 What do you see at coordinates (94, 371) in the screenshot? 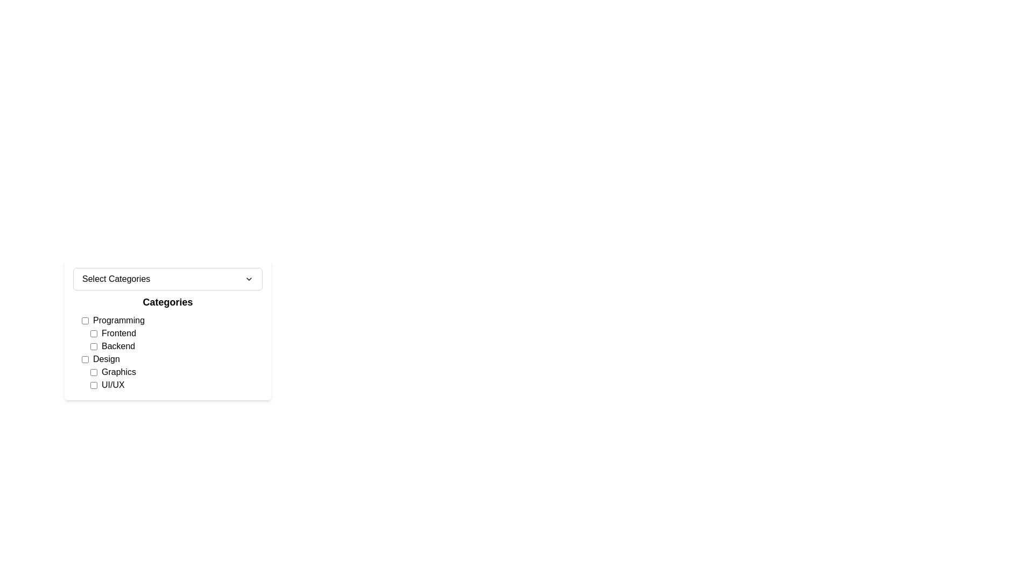
I see `the checkbox located to the left of the label text 'Graphics' within the 'Select Categories' section` at bounding box center [94, 371].